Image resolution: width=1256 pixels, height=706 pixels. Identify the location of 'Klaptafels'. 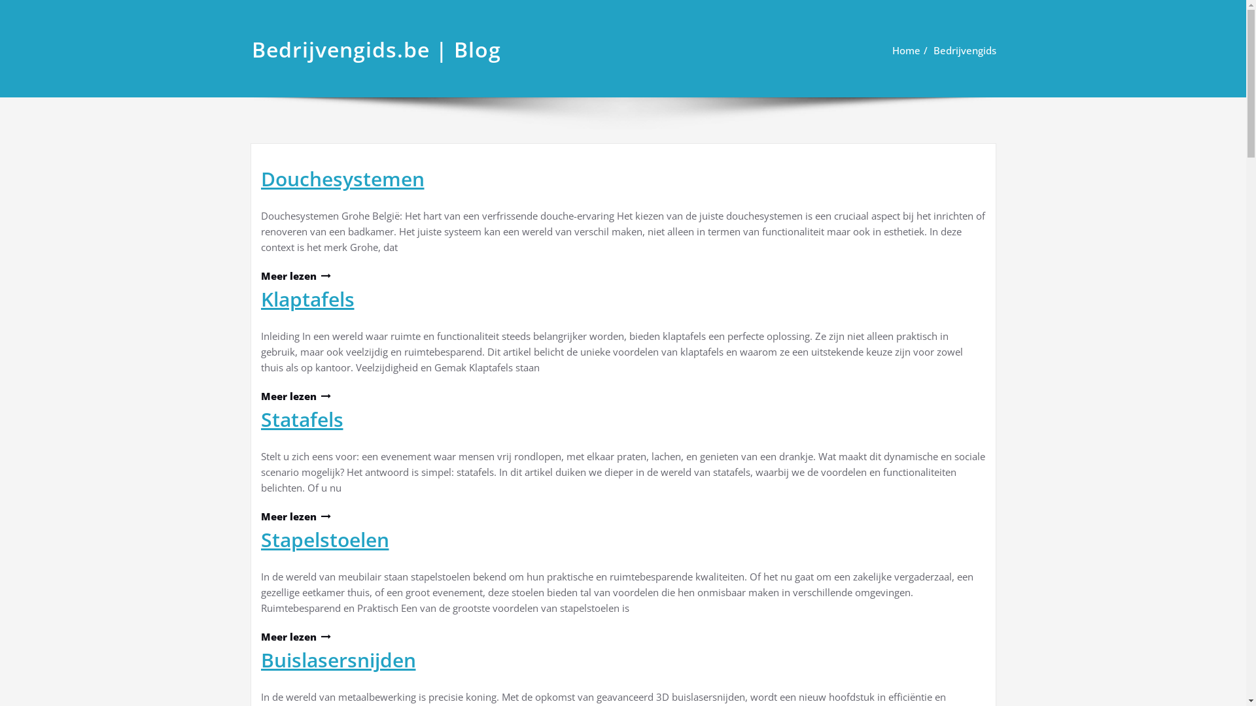
(306, 299).